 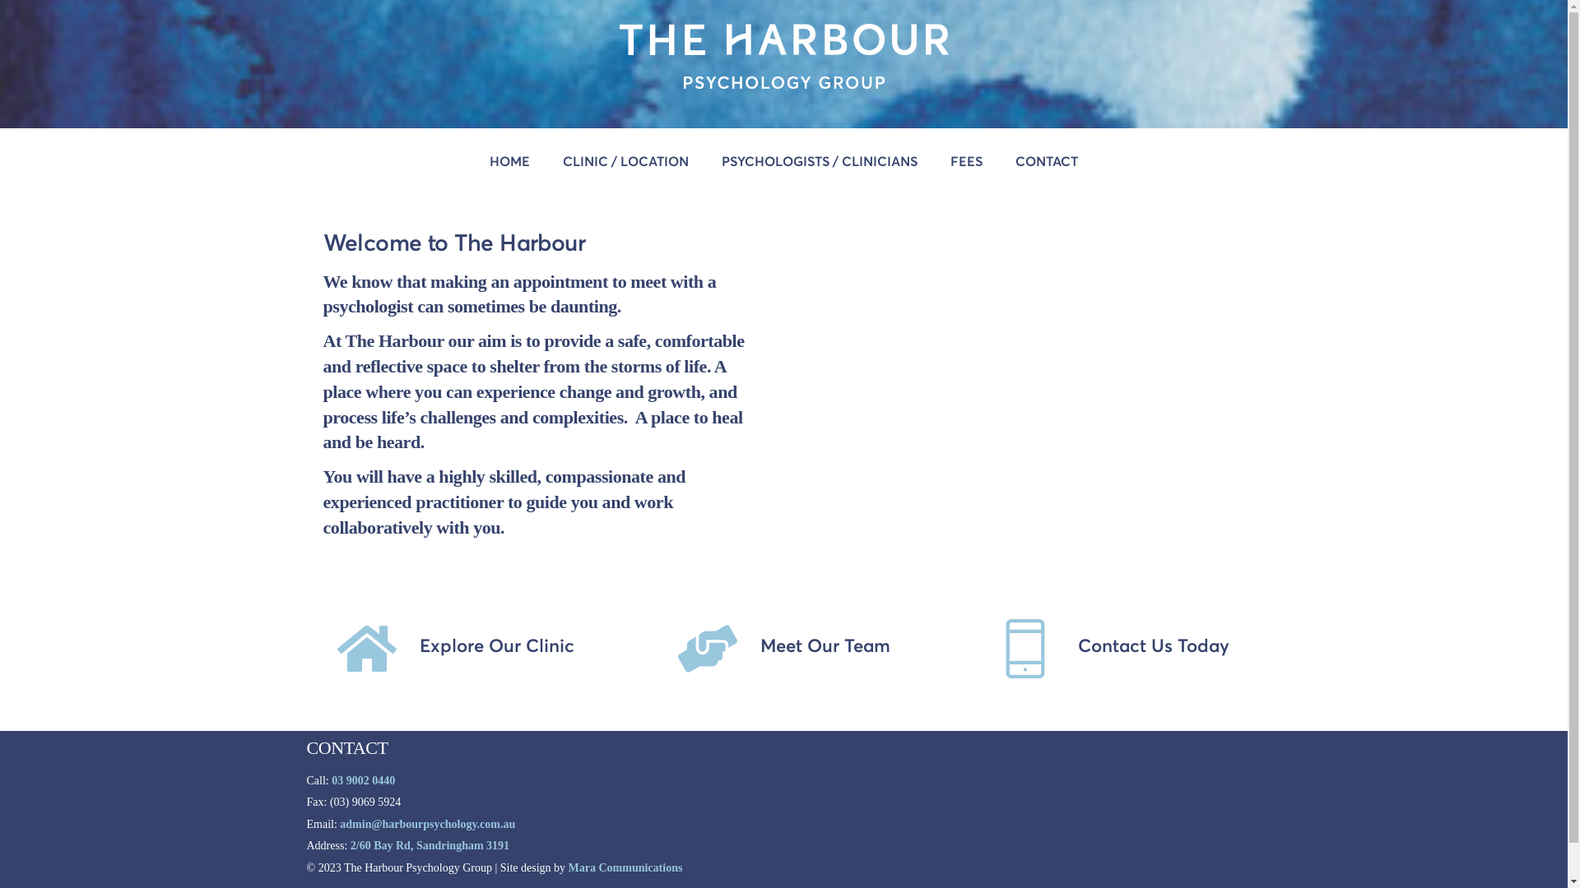 I want to click on 'FEES', so click(x=966, y=161).